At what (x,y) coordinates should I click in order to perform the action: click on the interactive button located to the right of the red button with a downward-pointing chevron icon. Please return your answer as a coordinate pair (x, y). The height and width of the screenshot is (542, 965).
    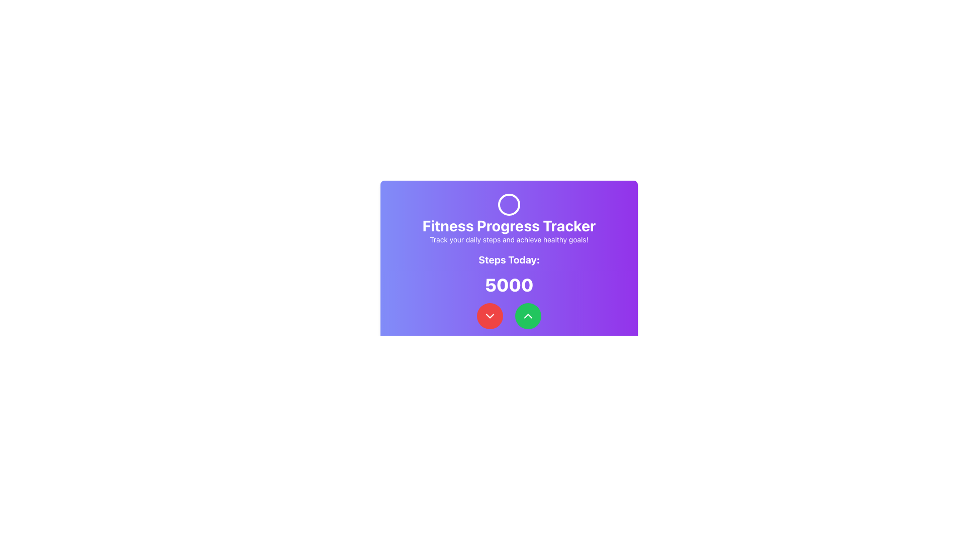
    Looking at the image, I should click on (528, 315).